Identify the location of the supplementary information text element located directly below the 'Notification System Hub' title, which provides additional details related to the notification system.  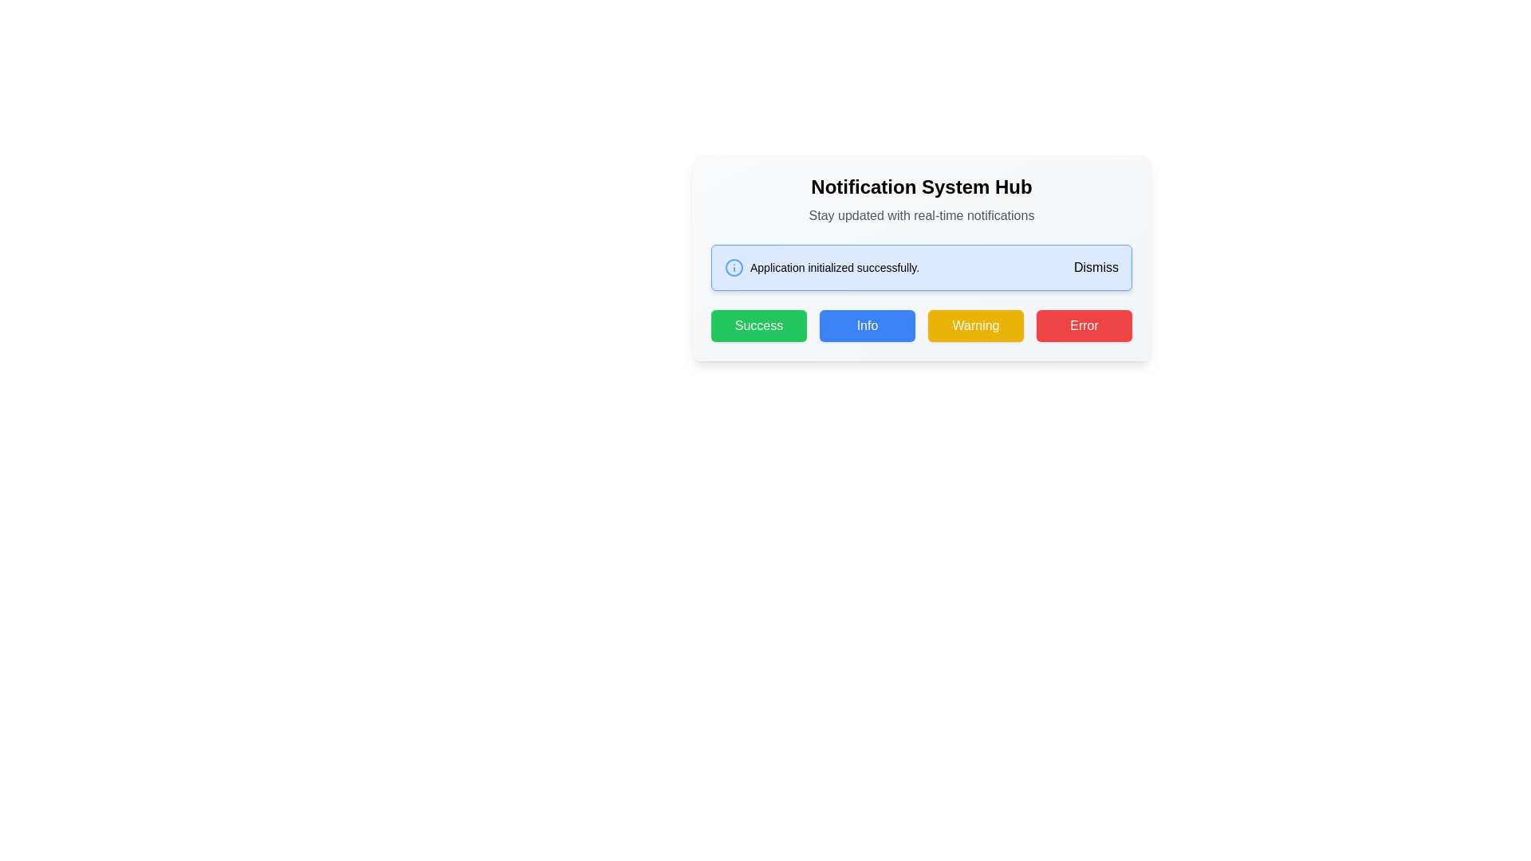
(922, 215).